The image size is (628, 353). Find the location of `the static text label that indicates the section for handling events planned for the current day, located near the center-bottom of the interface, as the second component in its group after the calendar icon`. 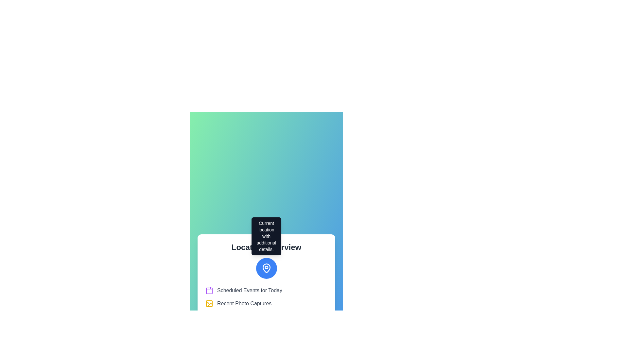

the static text label that indicates the section for handling events planned for the current day, located near the center-bottom of the interface, as the second component in its group after the calendar icon is located at coordinates (249, 290).